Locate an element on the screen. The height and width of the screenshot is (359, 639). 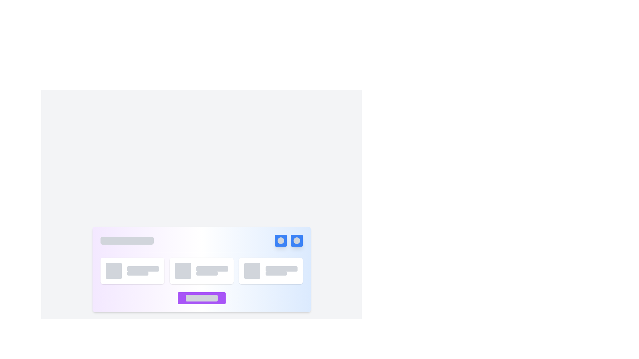
the centrally located button that triggers an action or transition when clicked is located at coordinates (201, 298).